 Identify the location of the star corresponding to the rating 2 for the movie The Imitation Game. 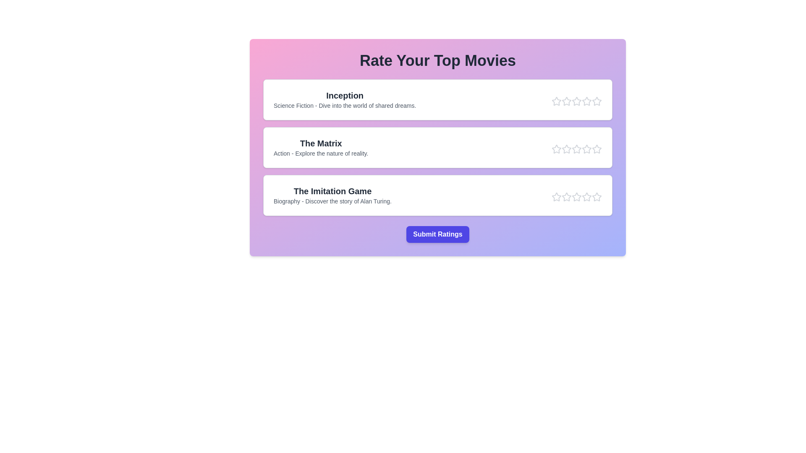
(566, 197).